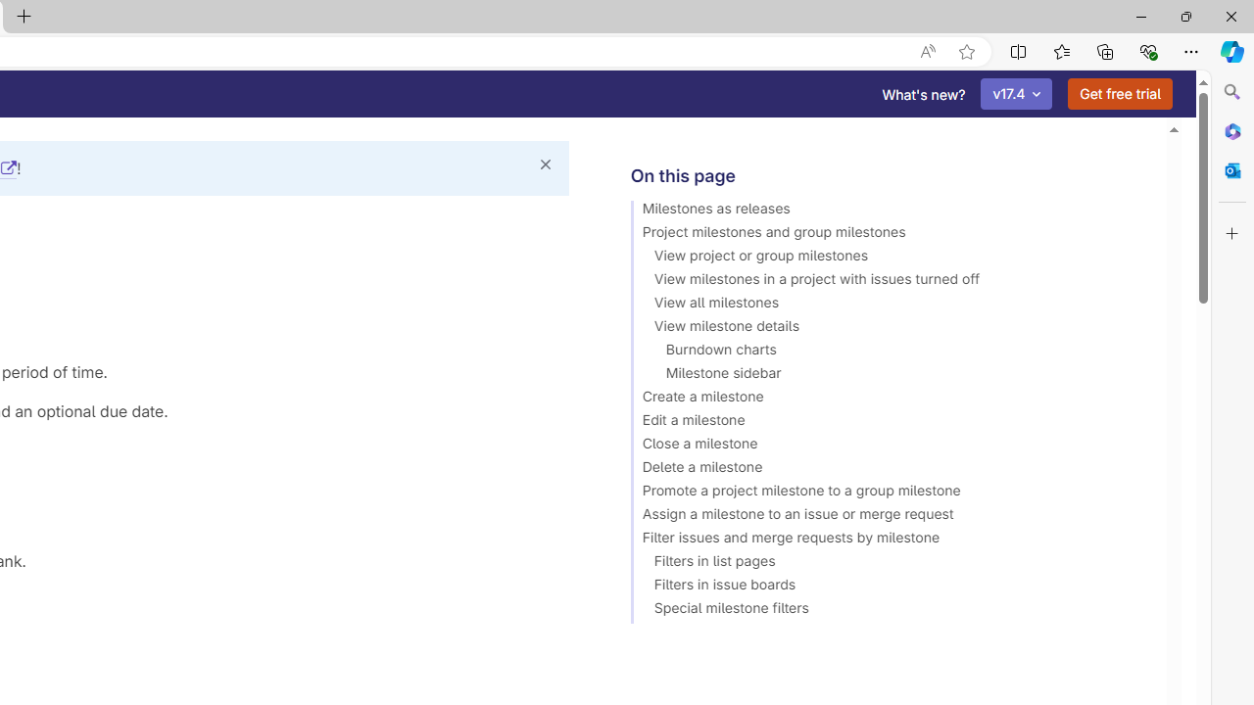  What do you see at coordinates (889, 376) in the screenshot?
I see `'Milestone sidebar'` at bounding box center [889, 376].